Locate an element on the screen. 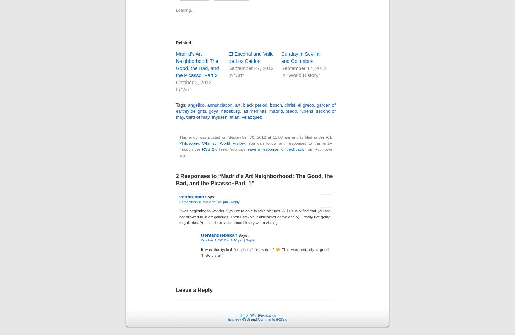 The height and width of the screenshot is (335, 515). 'It was the typical “no photo,” “no video.”' is located at coordinates (238, 248).